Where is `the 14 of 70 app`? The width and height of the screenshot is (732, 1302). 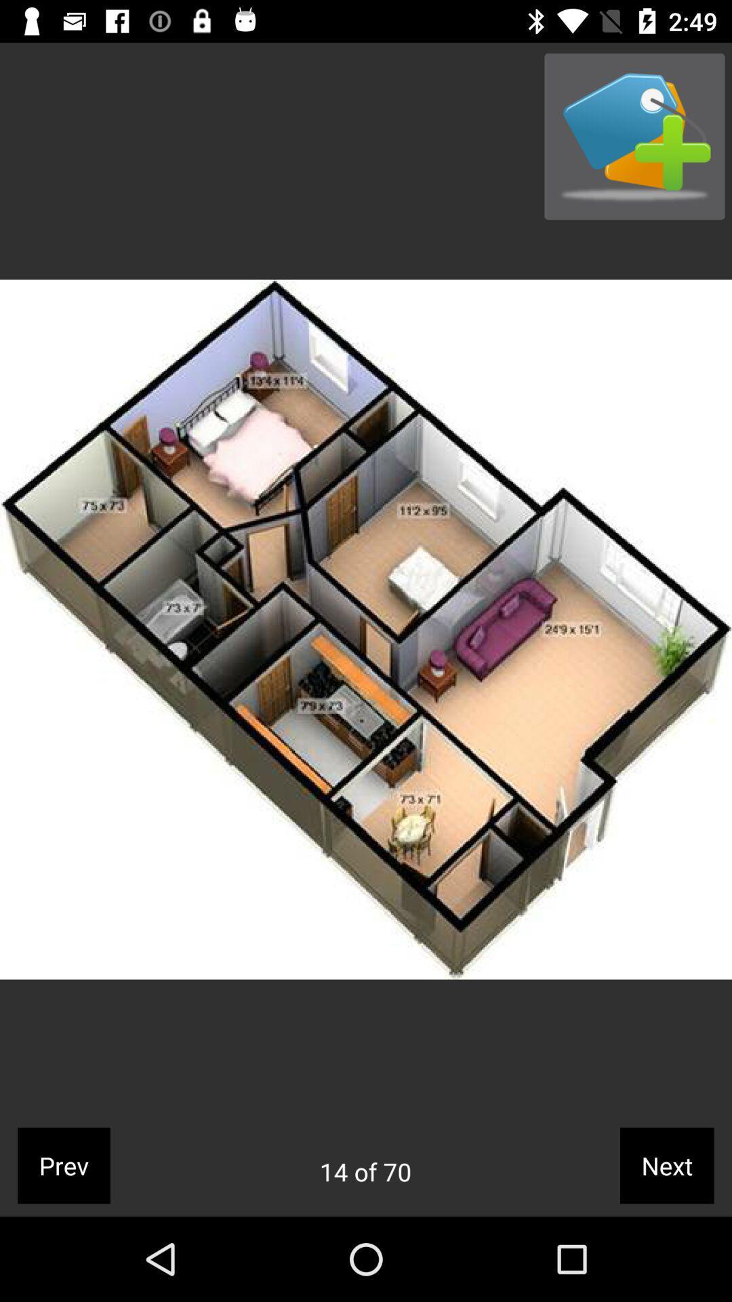 the 14 of 70 app is located at coordinates (365, 1171).